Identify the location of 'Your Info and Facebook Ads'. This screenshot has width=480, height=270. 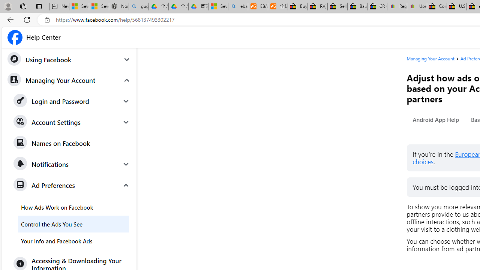
(73, 241).